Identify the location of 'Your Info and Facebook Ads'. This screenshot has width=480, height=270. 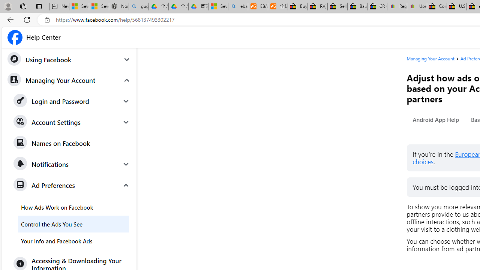
(73, 241).